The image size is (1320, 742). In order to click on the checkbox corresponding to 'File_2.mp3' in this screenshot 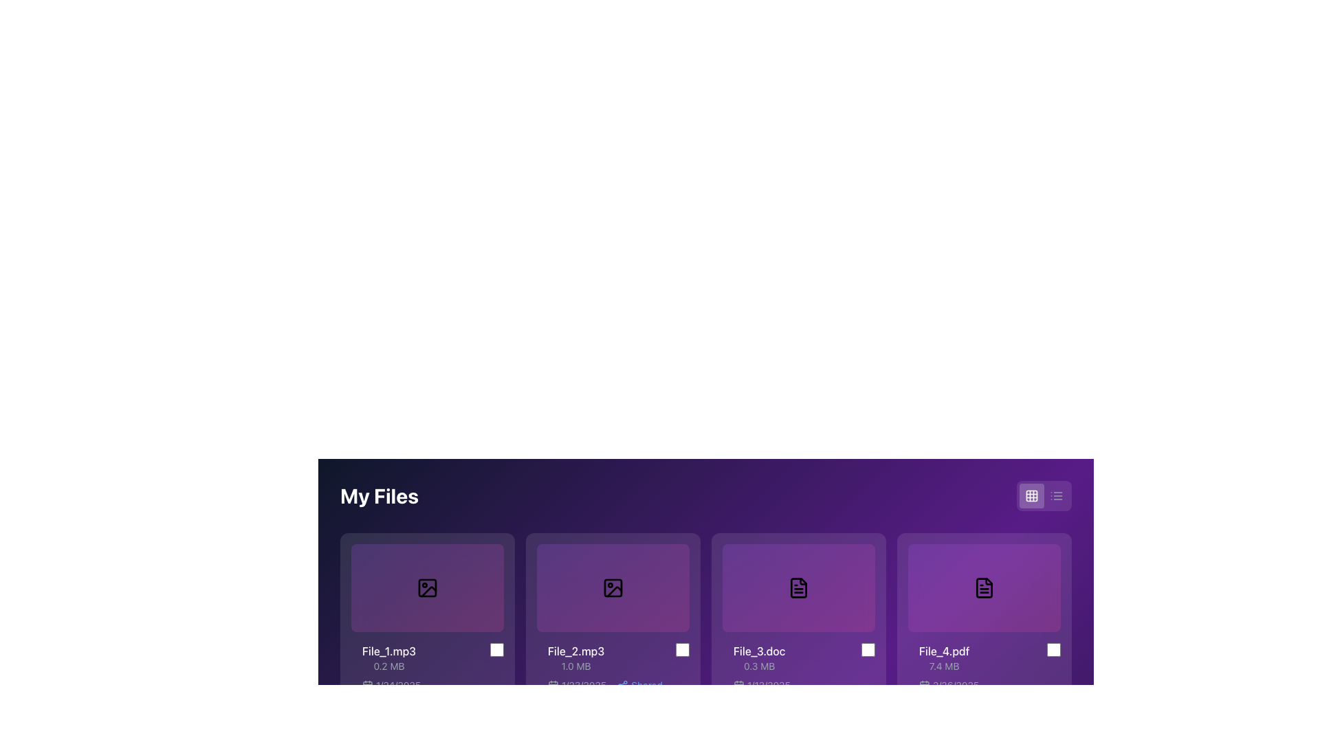, I will do `click(683, 649)`.